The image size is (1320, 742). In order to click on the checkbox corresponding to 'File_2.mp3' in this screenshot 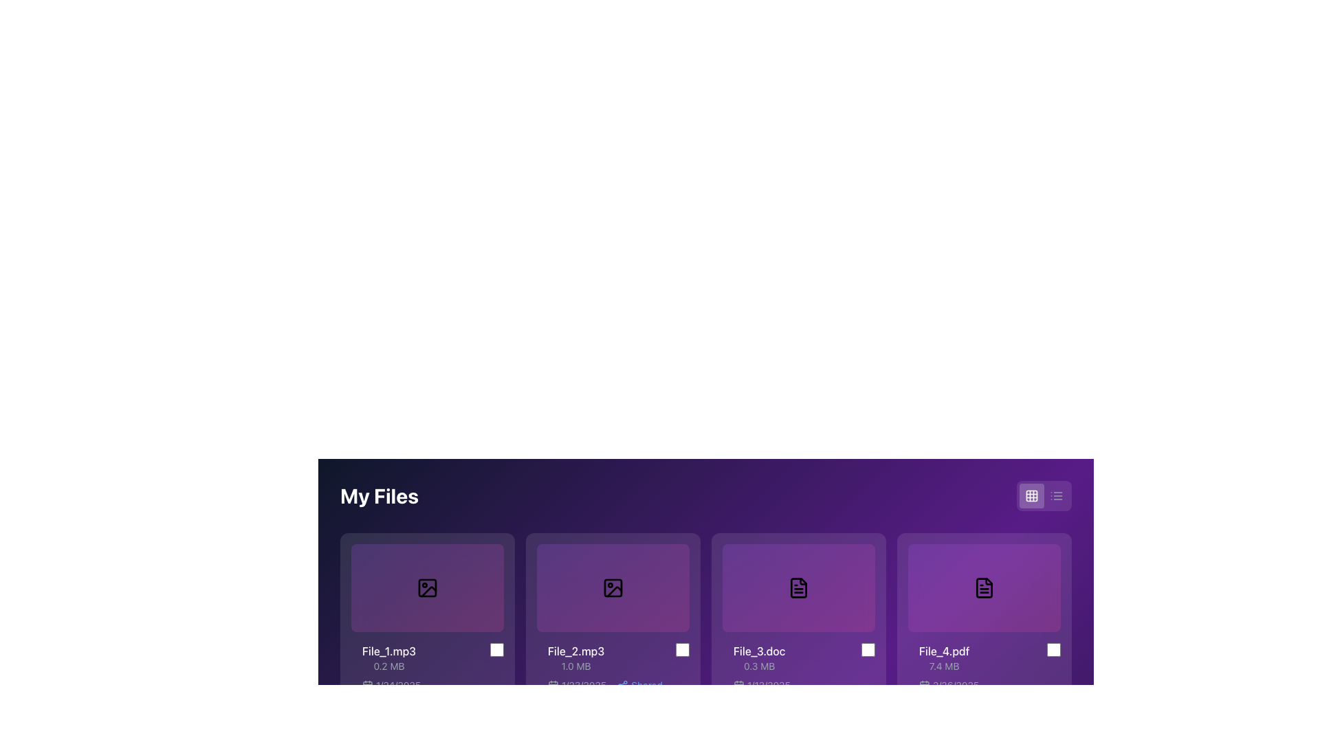, I will do `click(683, 649)`.